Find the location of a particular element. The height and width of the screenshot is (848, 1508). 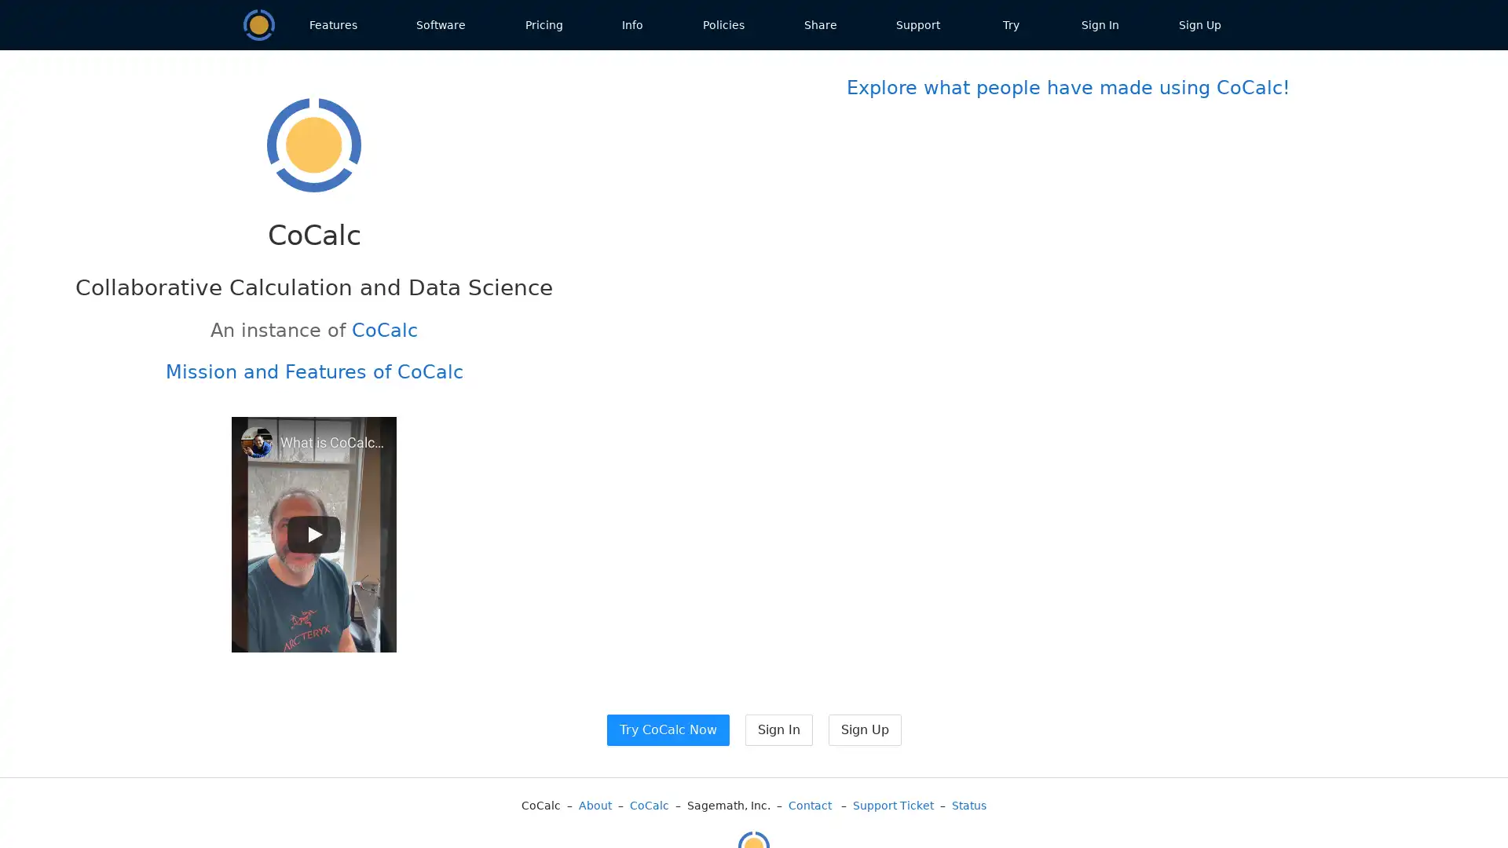

Sign Up is located at coordinates (863, 729).